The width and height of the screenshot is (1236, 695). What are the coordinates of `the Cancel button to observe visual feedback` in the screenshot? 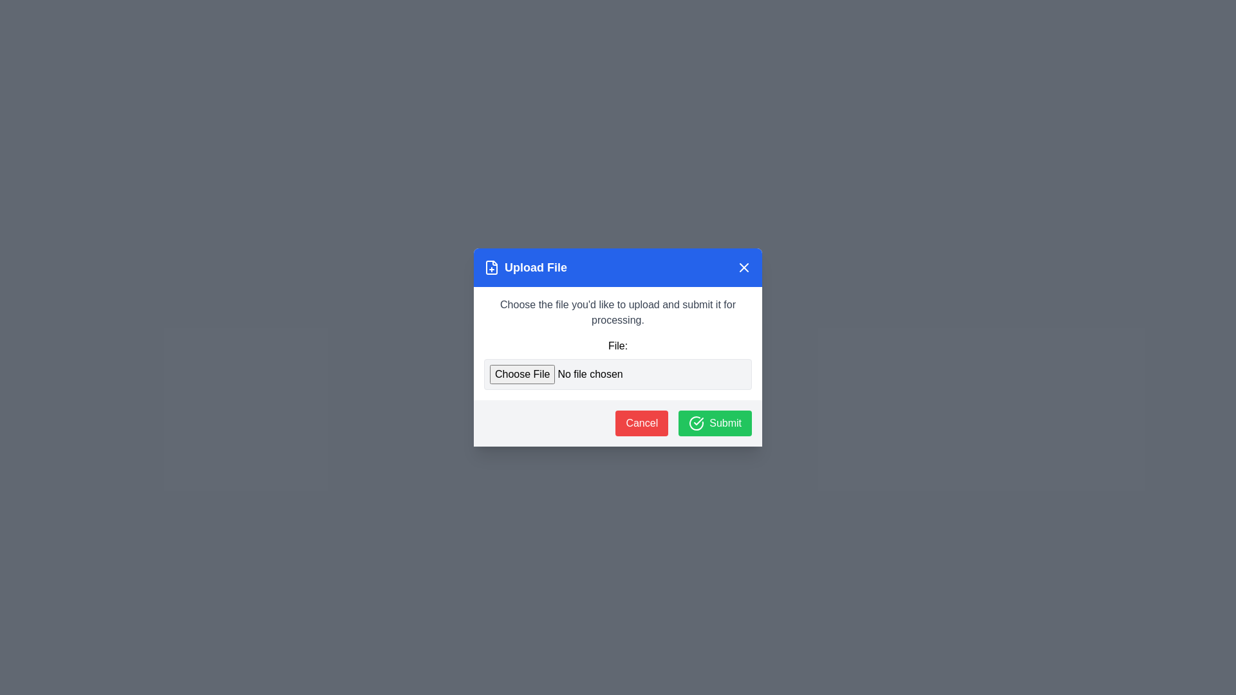 It's located at (642, 423).